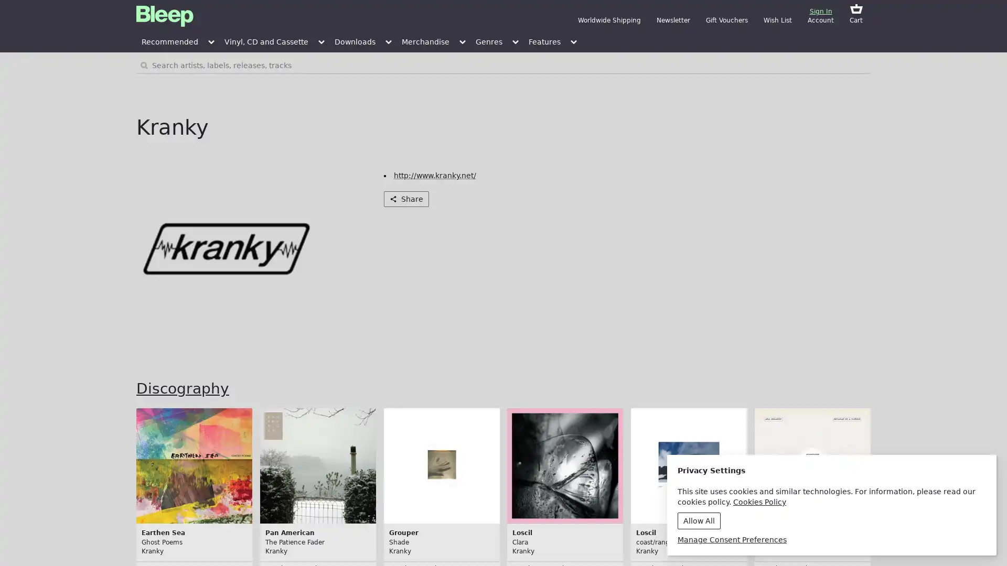  I want to click on Share, so click(405, 199).